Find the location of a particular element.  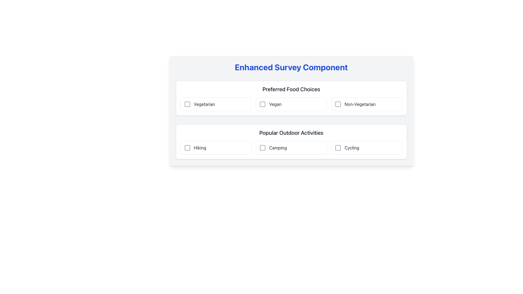

the 'Vegan' label indicating the checkbox for food choices in the 'Preferred Food Choices' group, positioned between 'Vegetarian' and 'Non-Vegetarian' is located at coordinates (275, 104).